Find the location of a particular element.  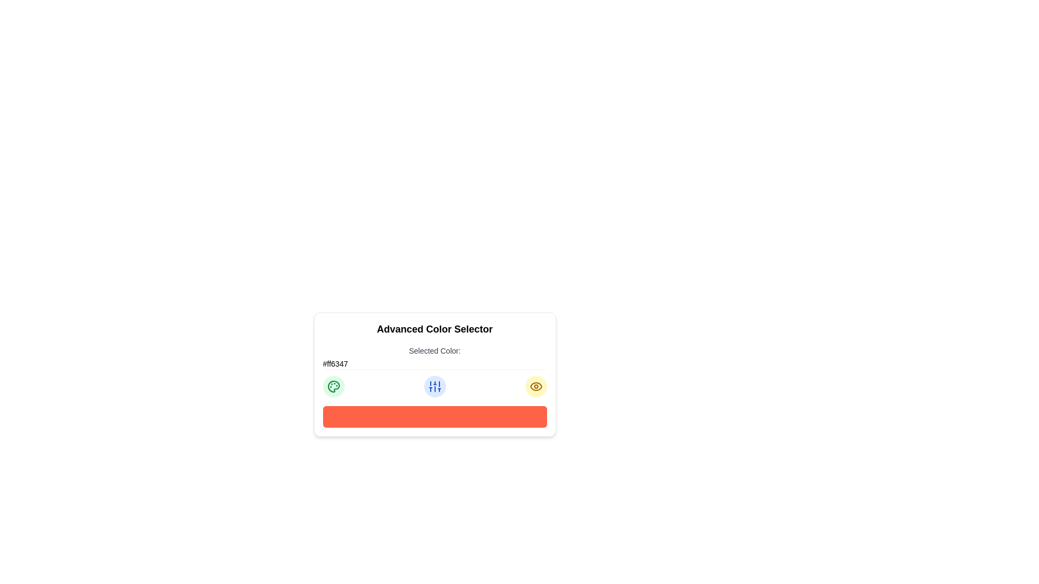

the visibility toggle icon button located at the bottom-right corner of the interface is located at coordinates (536, 386).